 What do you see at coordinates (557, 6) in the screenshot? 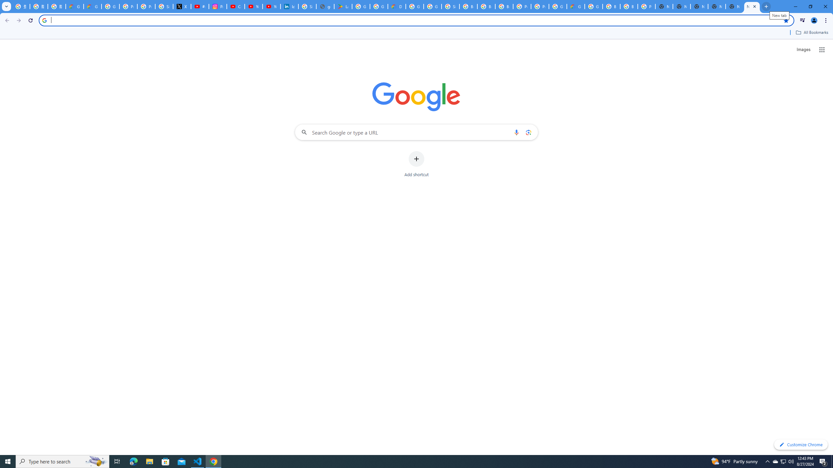
I see `'Google Cloud Platform'` at bounding box center [557, 6].